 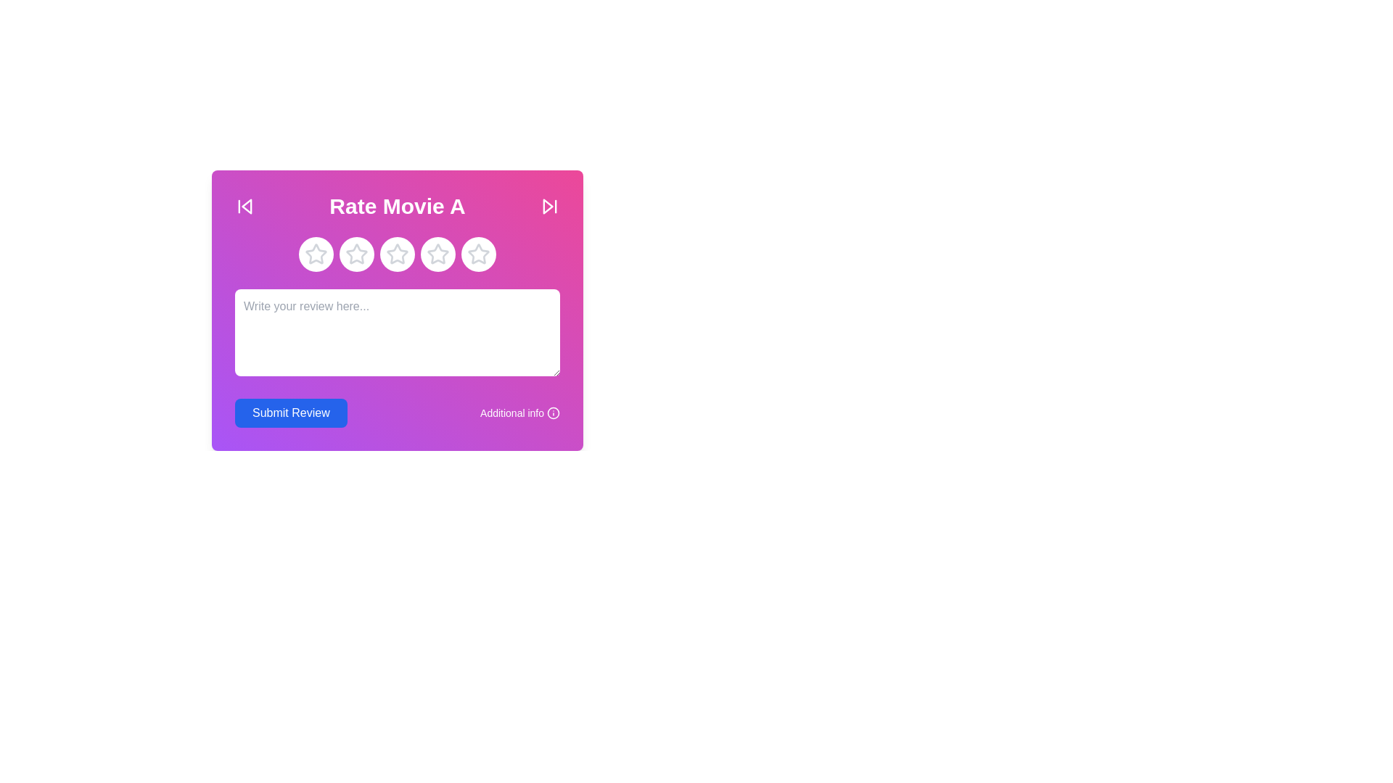 What do you see at coordinates (479, 253) in the screenshot?
I see `the fifth interactive rating star glyph in the row of five stars to focus on it` at bounding box center [479, 253].